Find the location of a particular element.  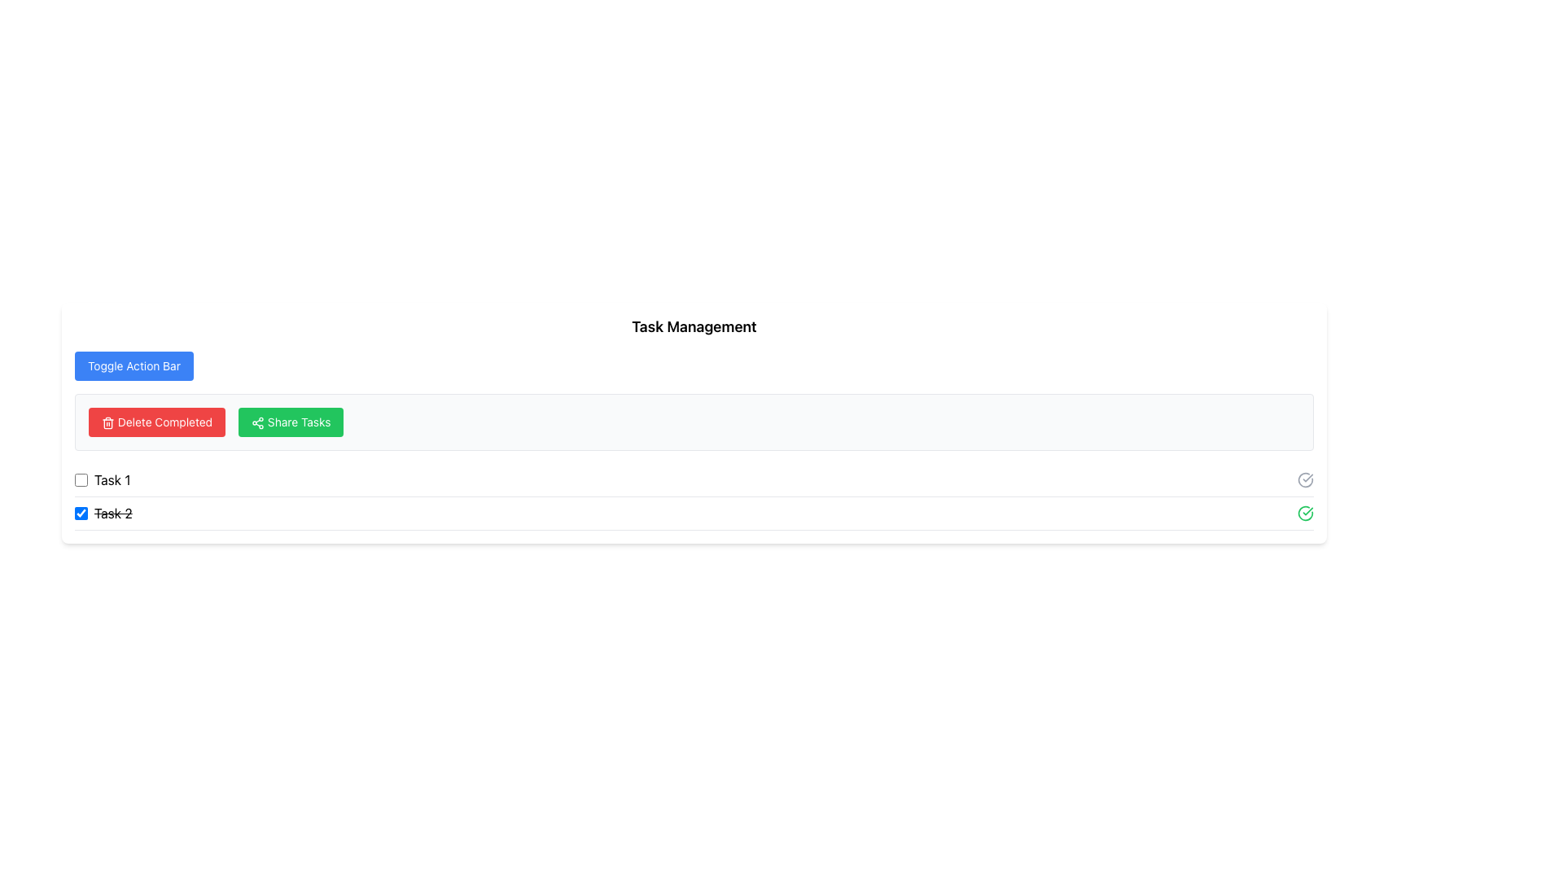

the middle part of the trash can icon is located at coordinates (107, 422).